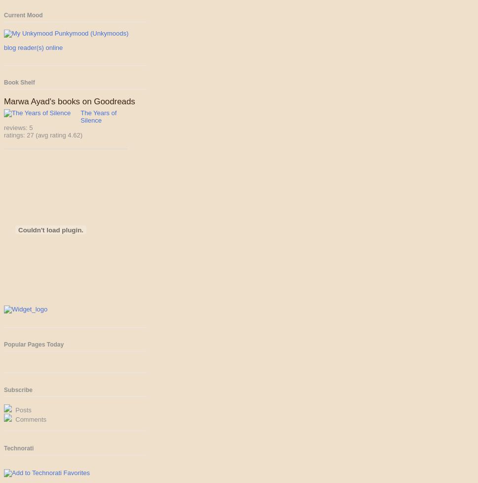  Describe the element at coordinates (29, 419) in the screenshot. I see `'Comments'` at that location.